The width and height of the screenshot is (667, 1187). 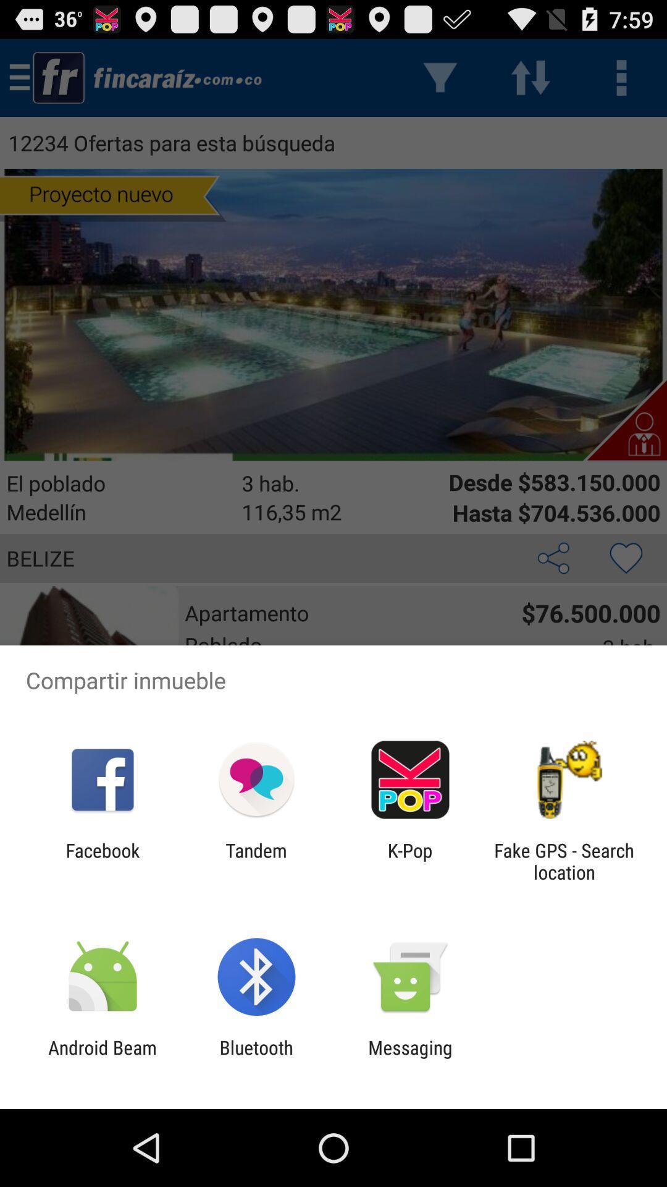 What do you see at coordinates (102, 861) in the screenshot?
I see `the item next to the tandem icon` at bounding box center [102, 861].